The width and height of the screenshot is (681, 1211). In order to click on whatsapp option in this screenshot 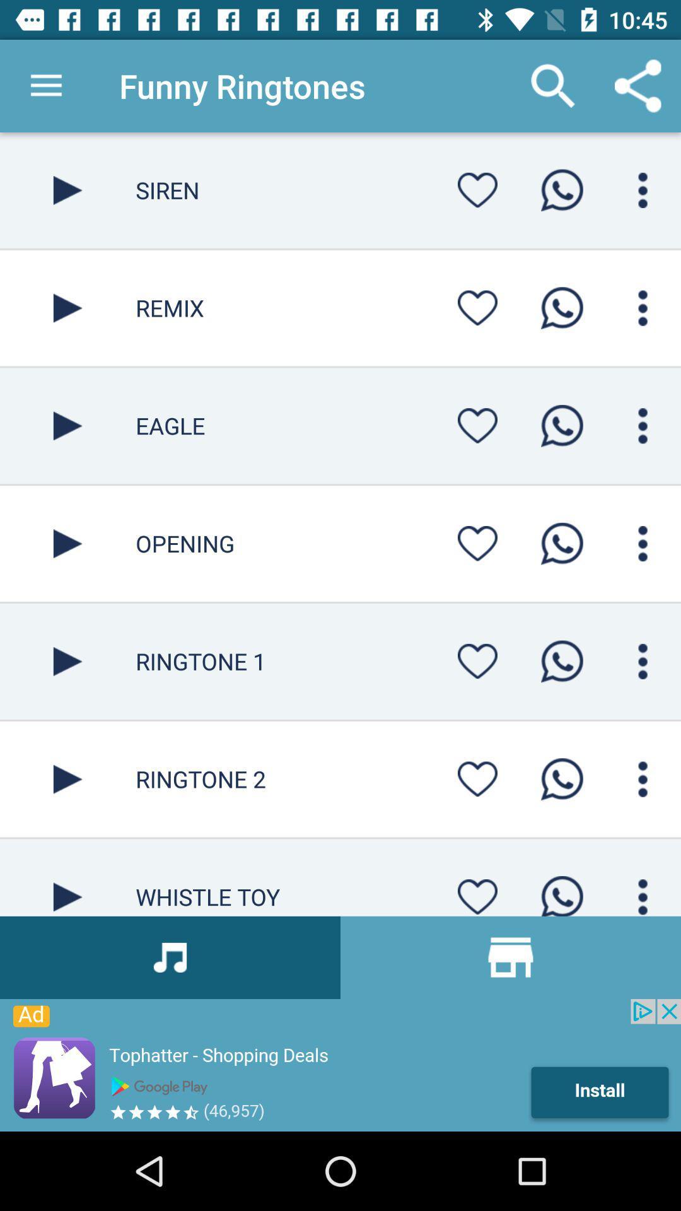, I will do `click(561, 544)`.